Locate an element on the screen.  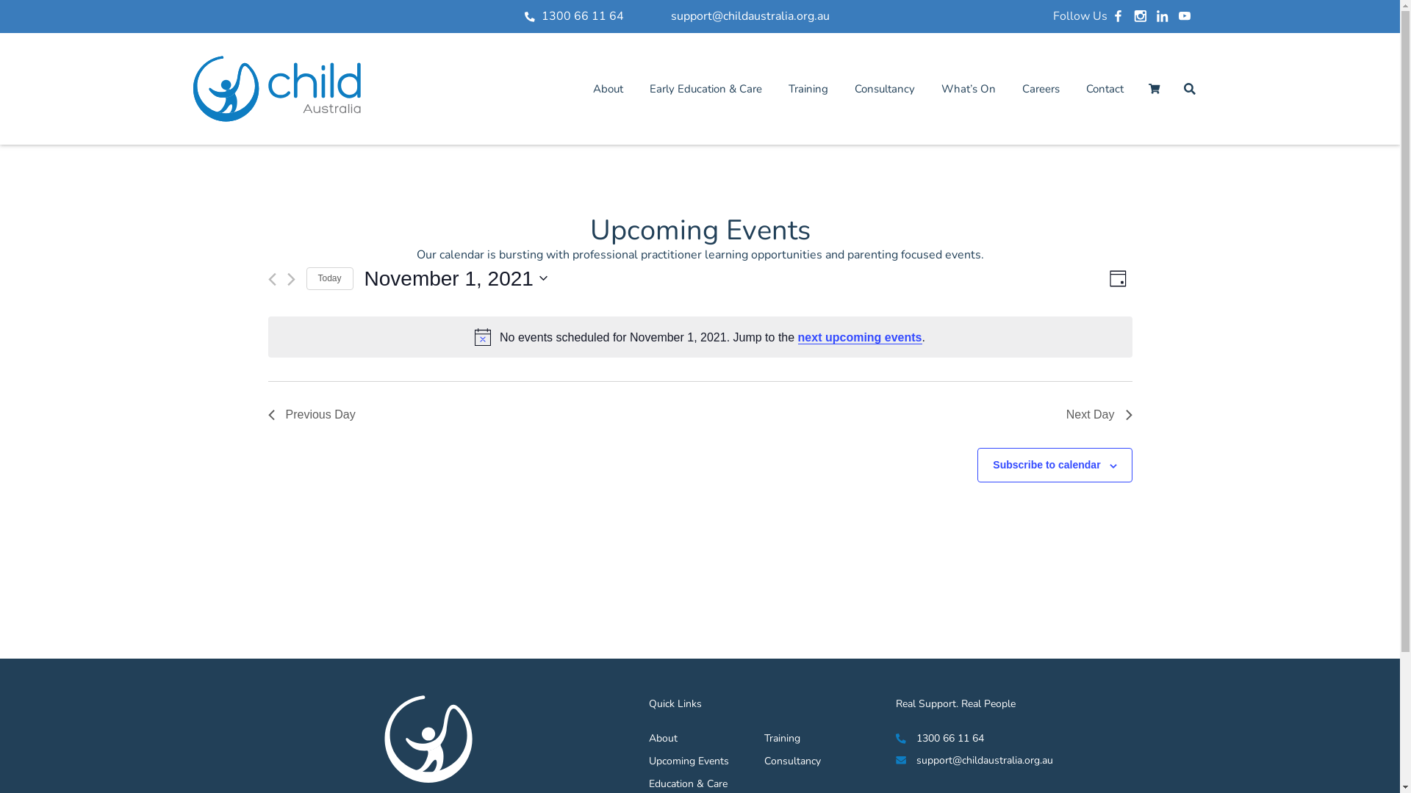
'Subscribe to calendar' is located at coordinates (1046, 464).